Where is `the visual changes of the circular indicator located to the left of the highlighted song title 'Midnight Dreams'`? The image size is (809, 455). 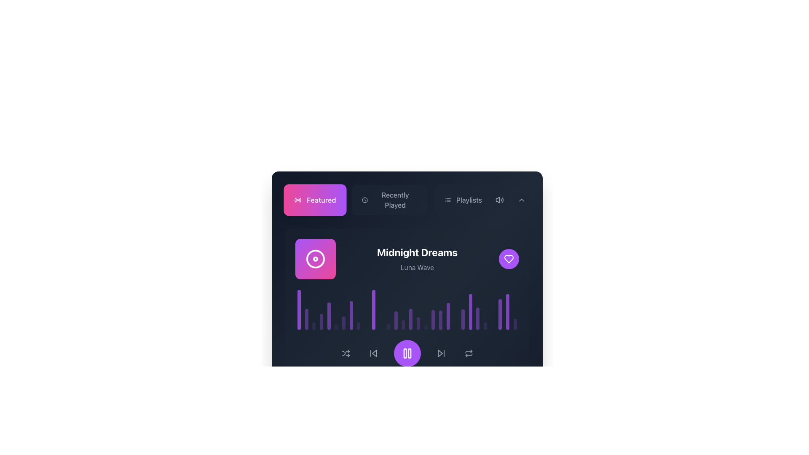 the visual changes of the circular indicator located to the left of the highlighted song title 'Midnight Dreams' is located at coordinates (315, 258).